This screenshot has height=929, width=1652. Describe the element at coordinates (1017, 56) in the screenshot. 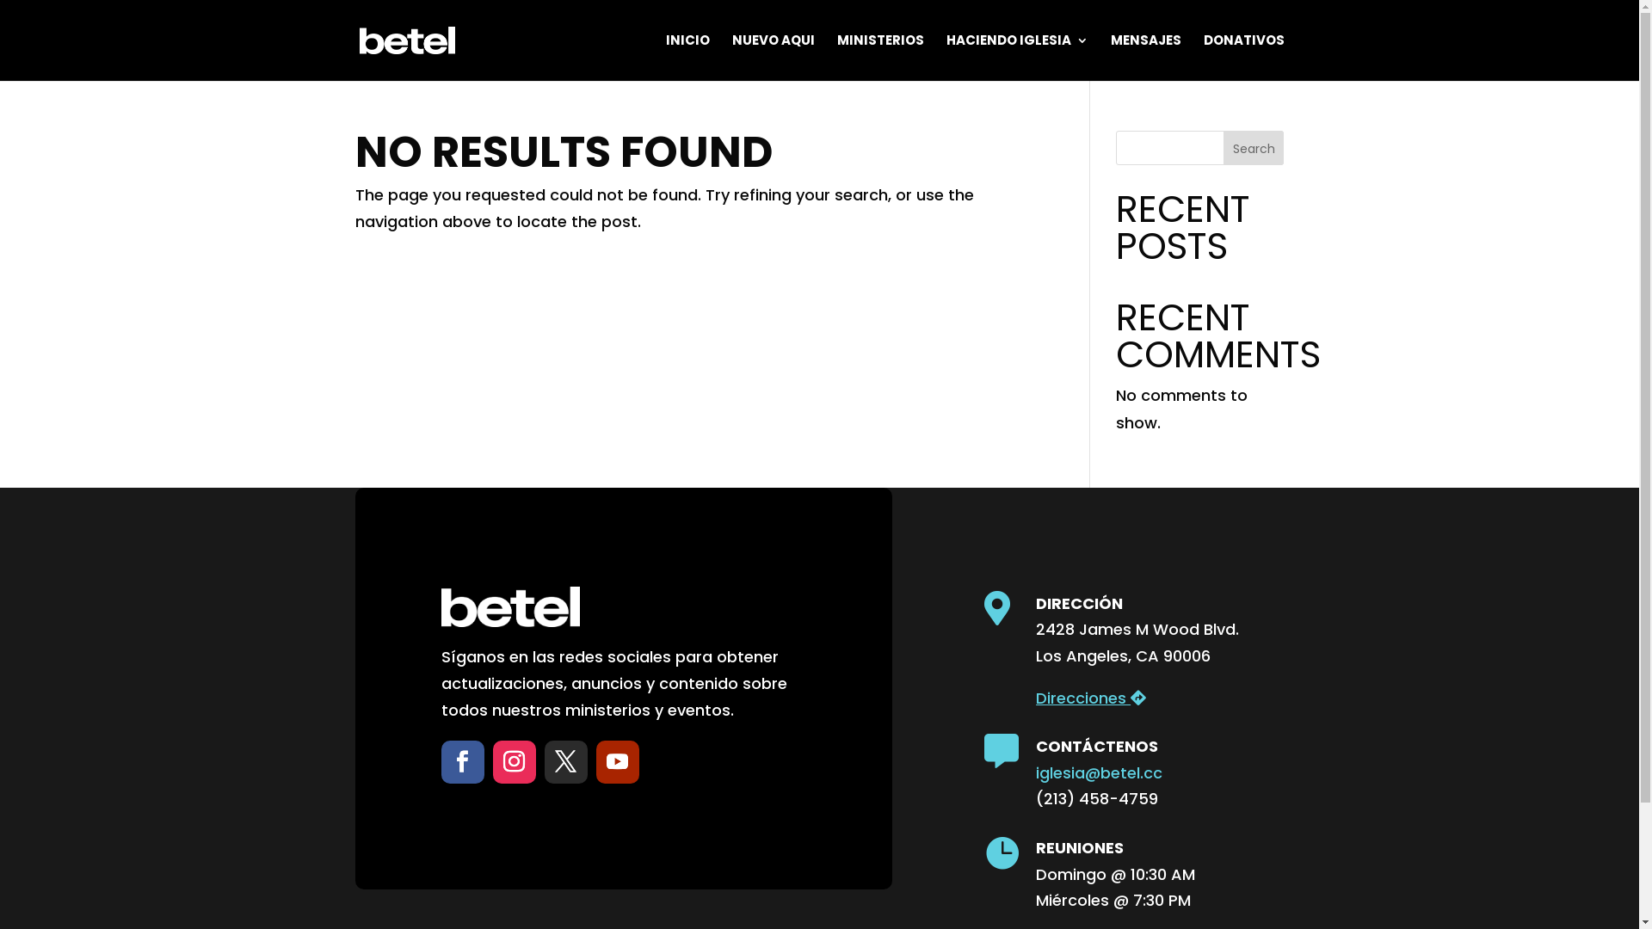

I see `'HACIENDO IGLESIA'` at that location.